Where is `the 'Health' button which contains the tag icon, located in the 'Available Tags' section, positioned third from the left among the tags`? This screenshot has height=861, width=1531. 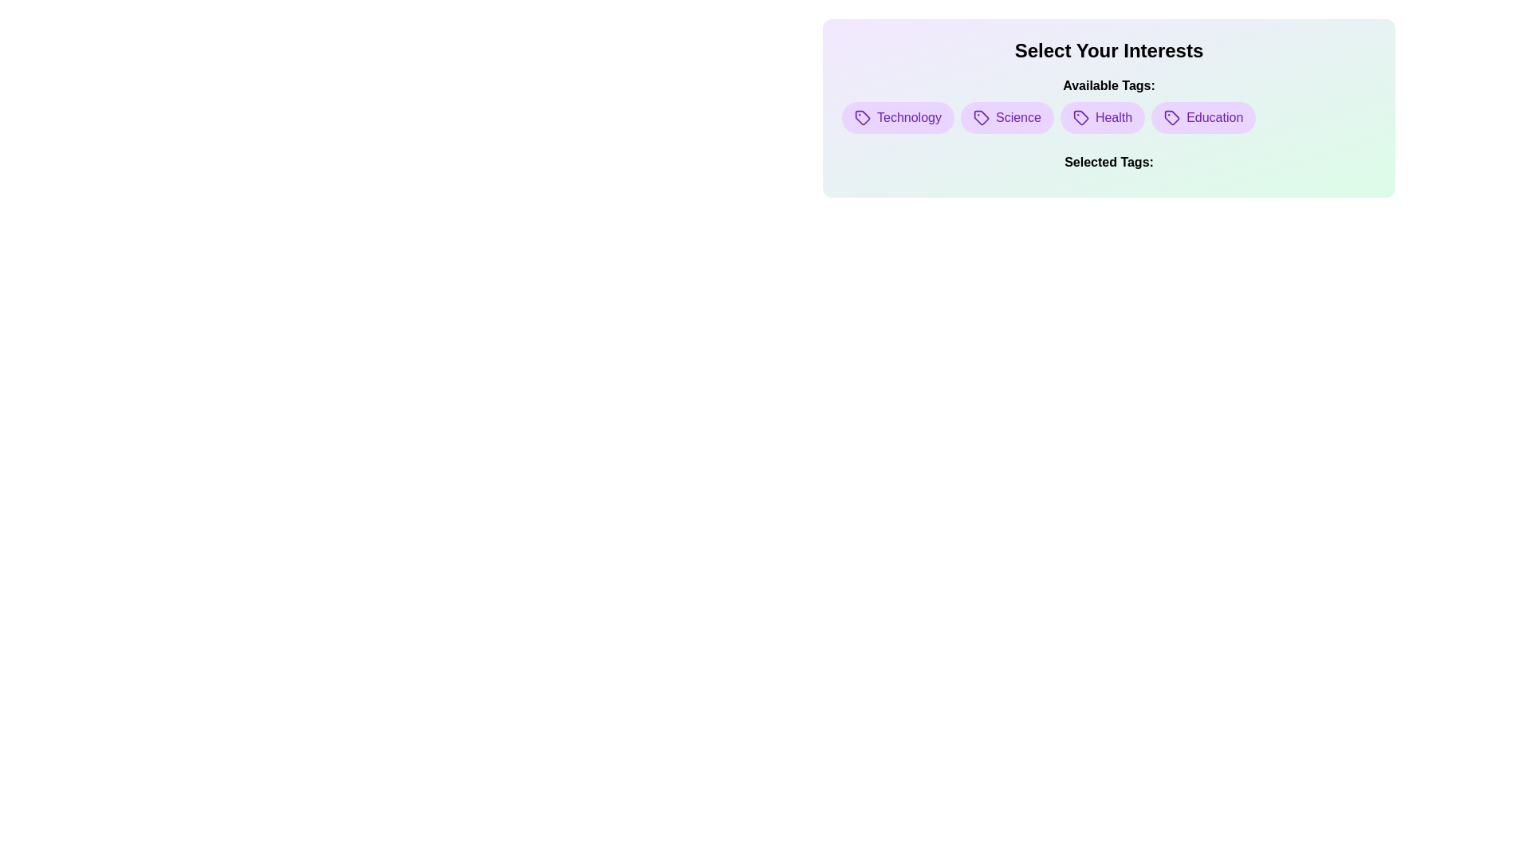
the 'Health' button which contains the tag icon, located in the 'Available Tags' section, positioned third from the left among the tags is located at coordinates (1080, 116).